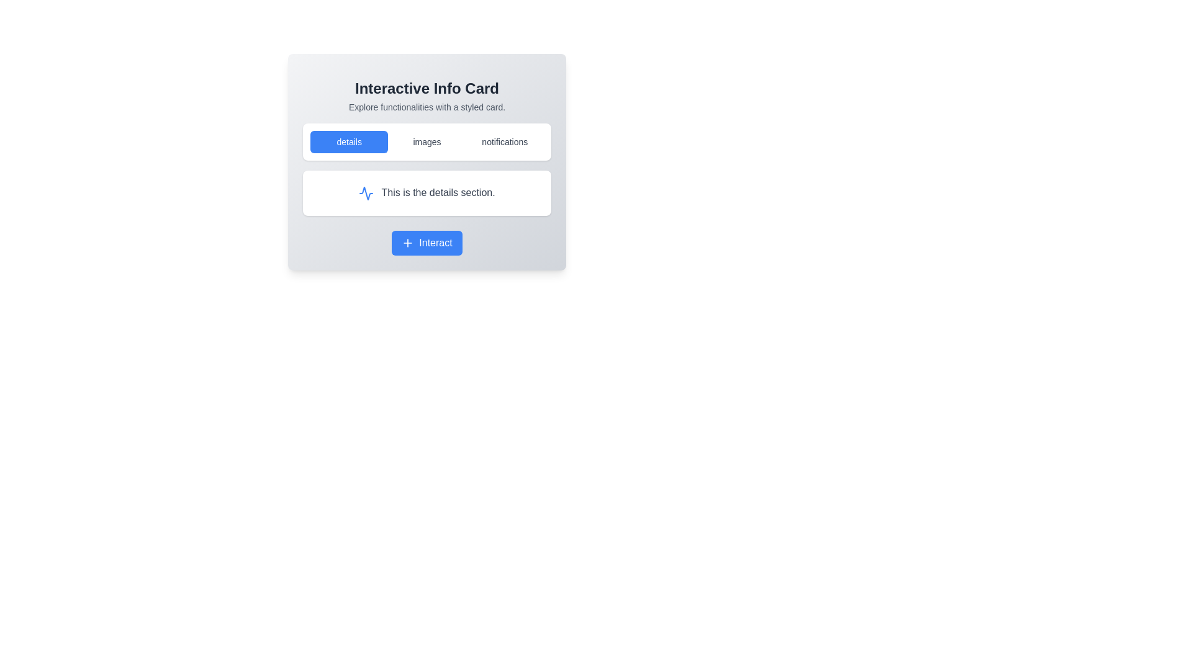  What do you see at coordinates (408, 242) in the screenshot?
I see `the '+' icon located inside the 'Interact' button, which has a blue background and is positioned at the bottom center of the interactive card component` at bounding box center [408, 242].